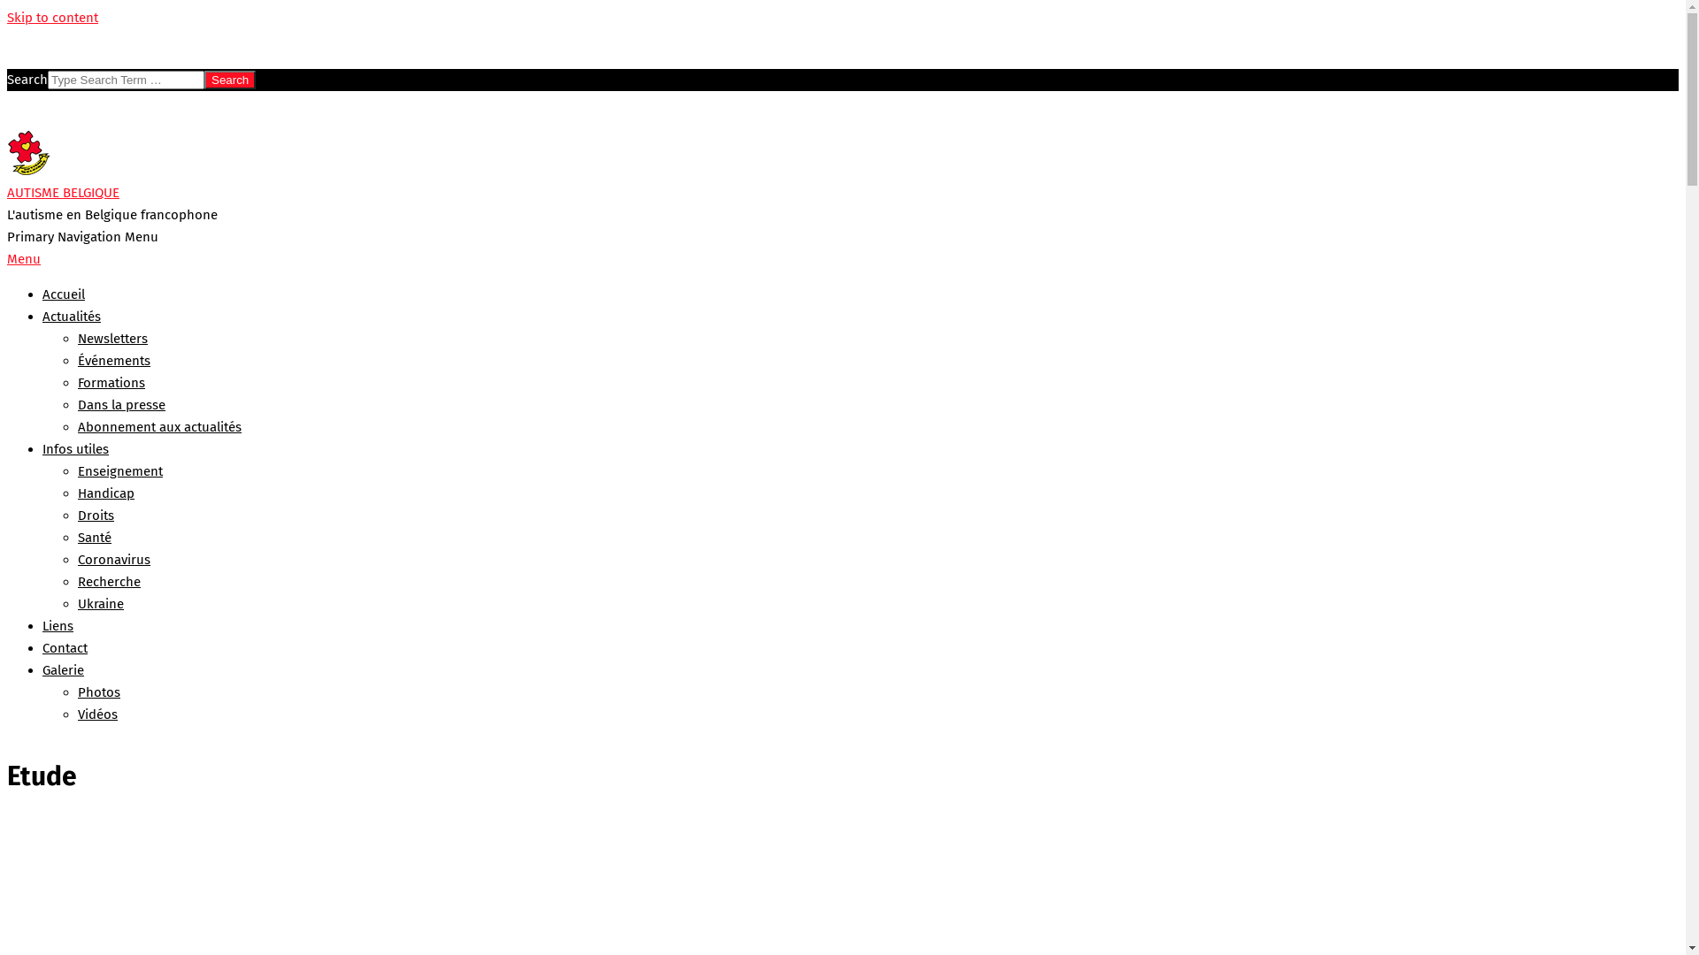  What do you see at coordinates (7, 259) in the screenshot?
I see `'Menu'` at bounding box center [7, 259].